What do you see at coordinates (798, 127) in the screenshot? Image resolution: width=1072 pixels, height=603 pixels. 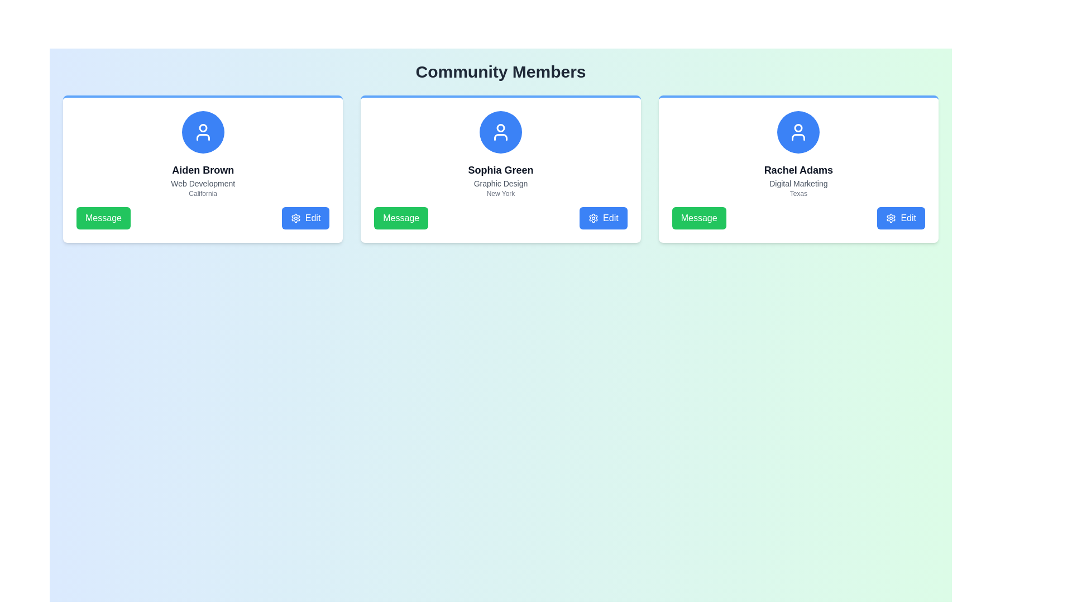 I see `the circular user profile icon located at the top center of the third card from the left in the 'Community Members' row` at bounding box center [798, 127].